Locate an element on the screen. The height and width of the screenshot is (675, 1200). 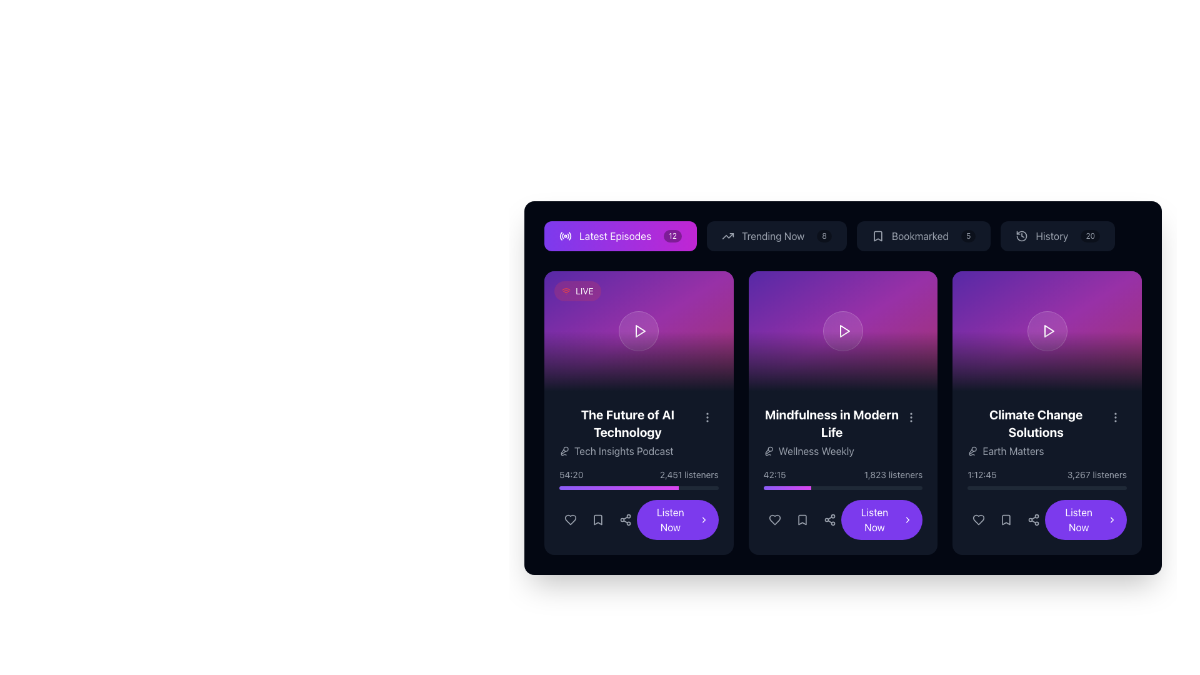
the 'History' button located in the top navigation bar, which is the fourth button in the sequence after 'Latest Episodes', 'Trending Now', and 'Bookmarked' is located at coordinates (1057, 236).